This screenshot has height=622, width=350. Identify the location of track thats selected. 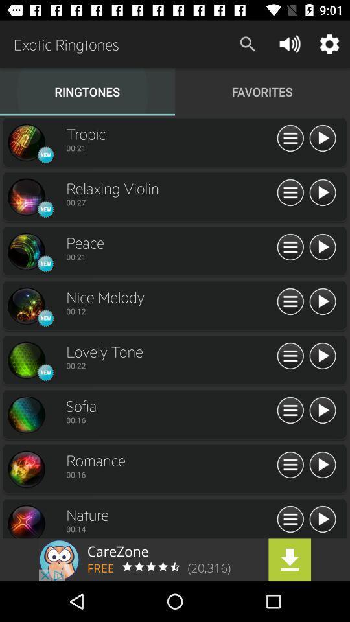
(321, 302).